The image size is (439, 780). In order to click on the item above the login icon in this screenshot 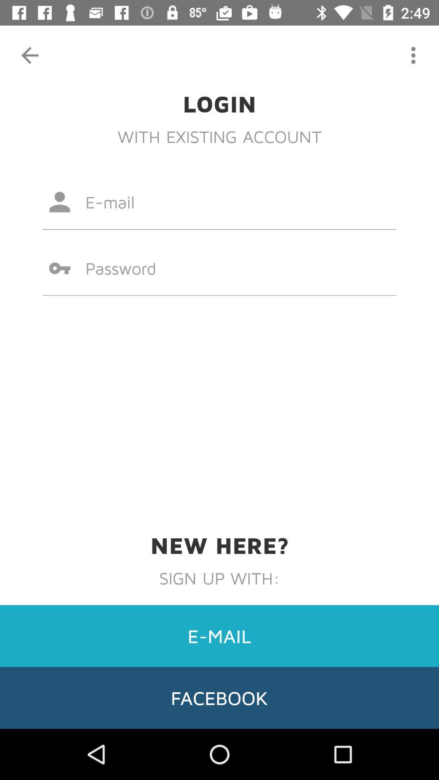, I will do `click(413, 55)`.